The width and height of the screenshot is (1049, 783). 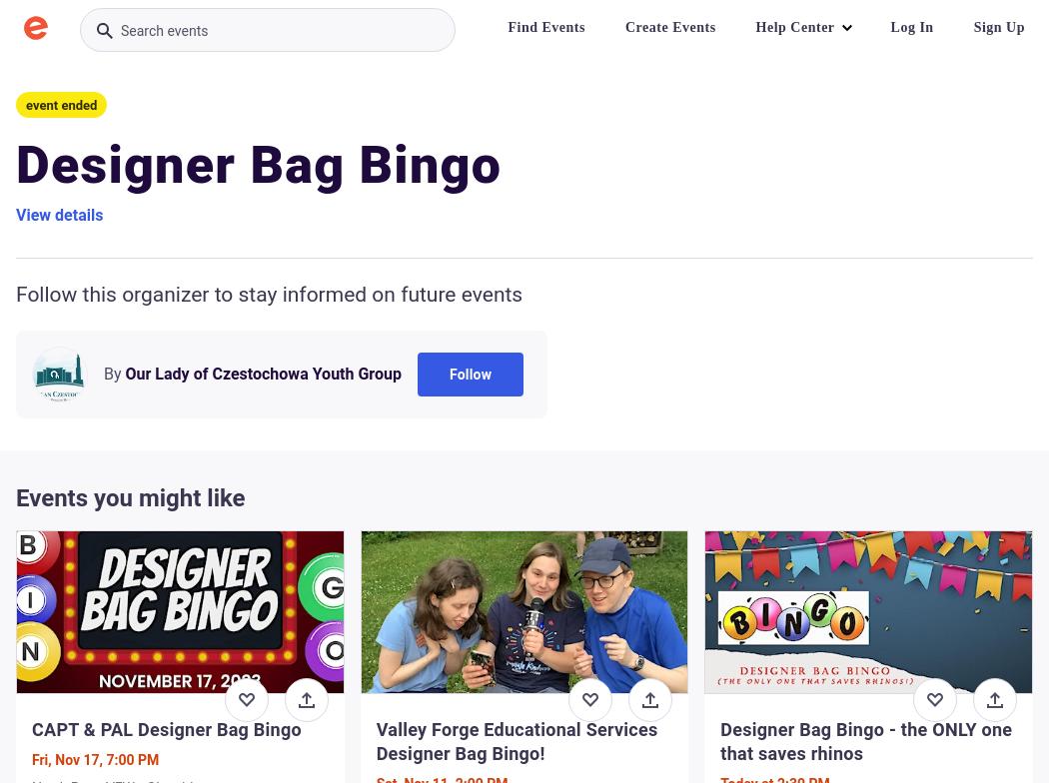 I want to click on 'Designer Bag Bingo - the ONLY one that saves rhinos', so click(x=719, y=741).